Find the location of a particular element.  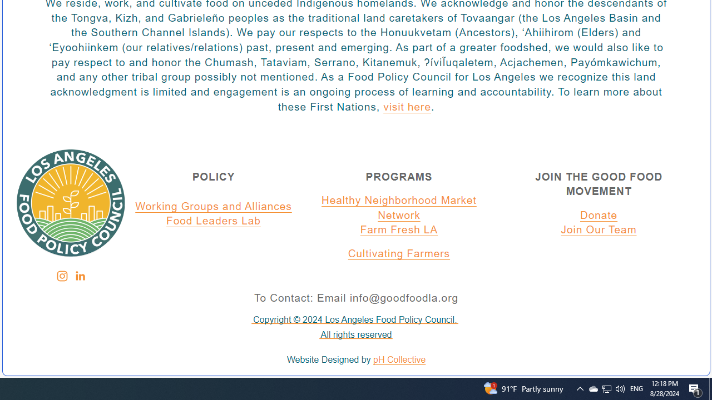

'Food Leaders Lab' is located at coordinates (214, 222).